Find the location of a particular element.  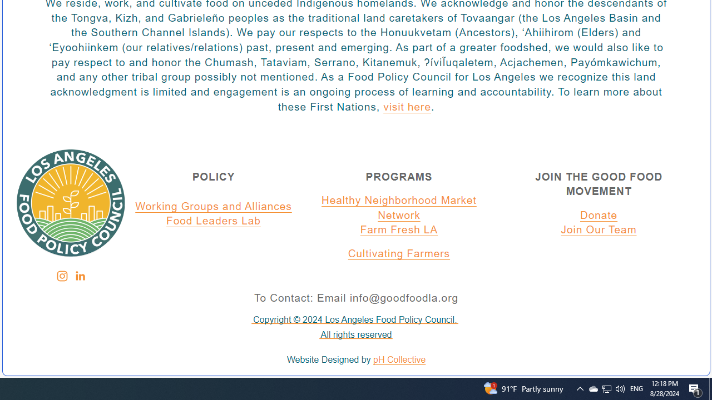

'Food Leaders Lab' is located at coordinates (214, 222).